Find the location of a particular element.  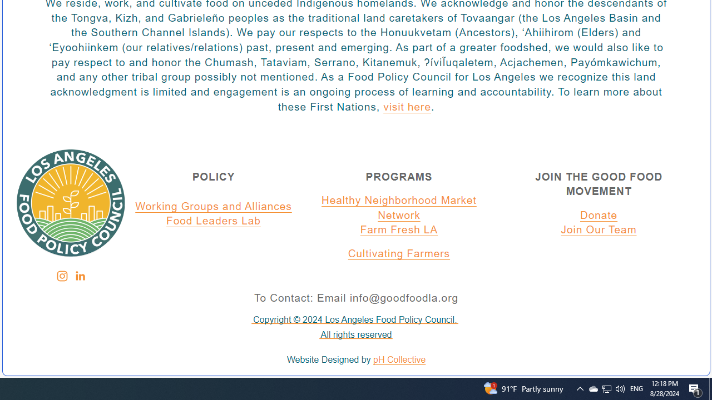

'Food Leaders Lab' is located at coordinates (214, 222).